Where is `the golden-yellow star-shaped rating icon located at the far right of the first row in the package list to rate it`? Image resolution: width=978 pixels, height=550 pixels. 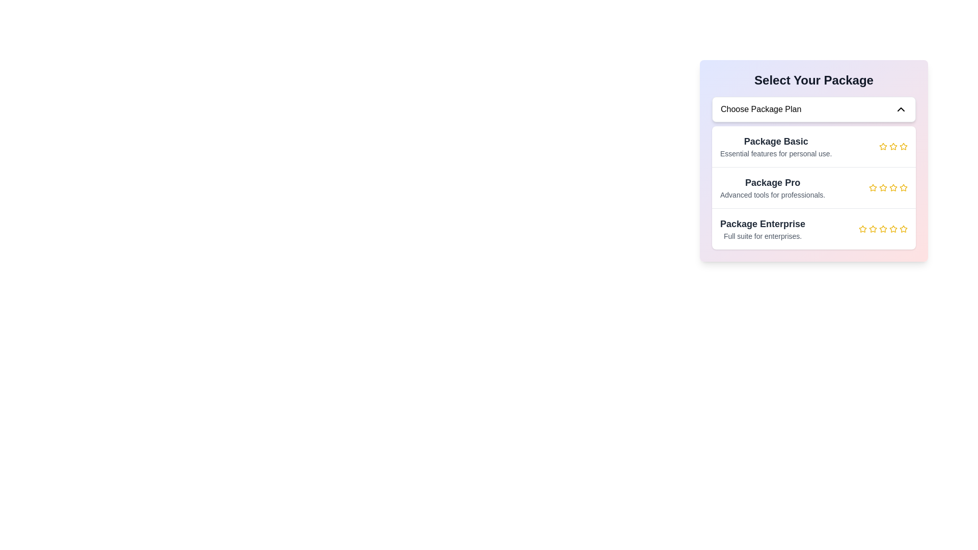
the golden-yellow star-shaped rating icon located at the far right of the first row in the package list to rate it is located at coordinates (892, 146).